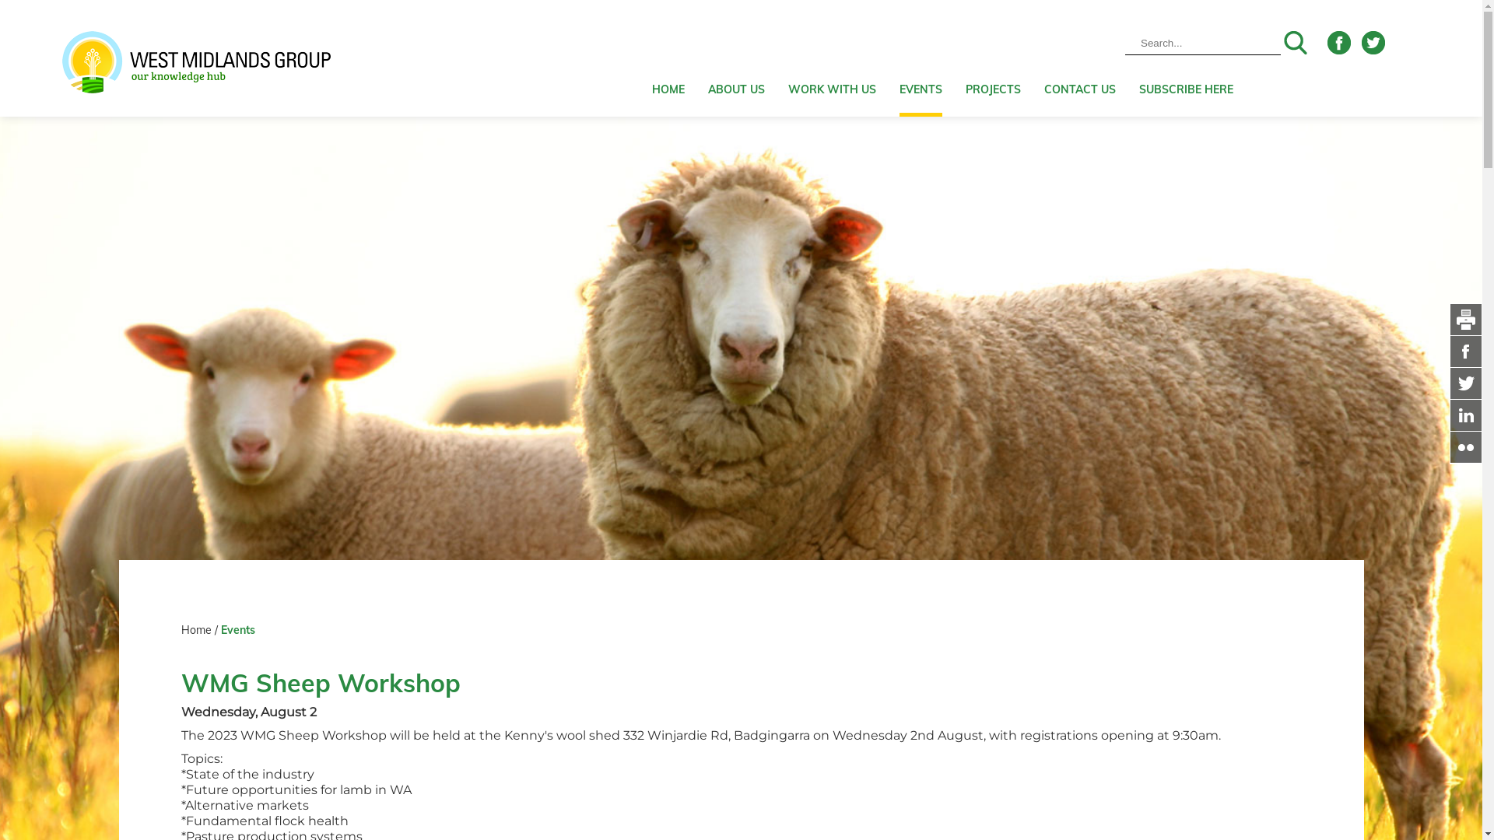  Describe the element at coordinates (921, 57) in the screenshot. I see `'EVENTS'` at that location.